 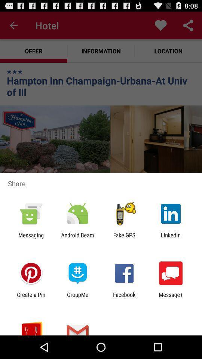 What do you see at coordinates (77, 238) in the screenshot?
I see `the android beam icon` at bounding box center [77, 238].